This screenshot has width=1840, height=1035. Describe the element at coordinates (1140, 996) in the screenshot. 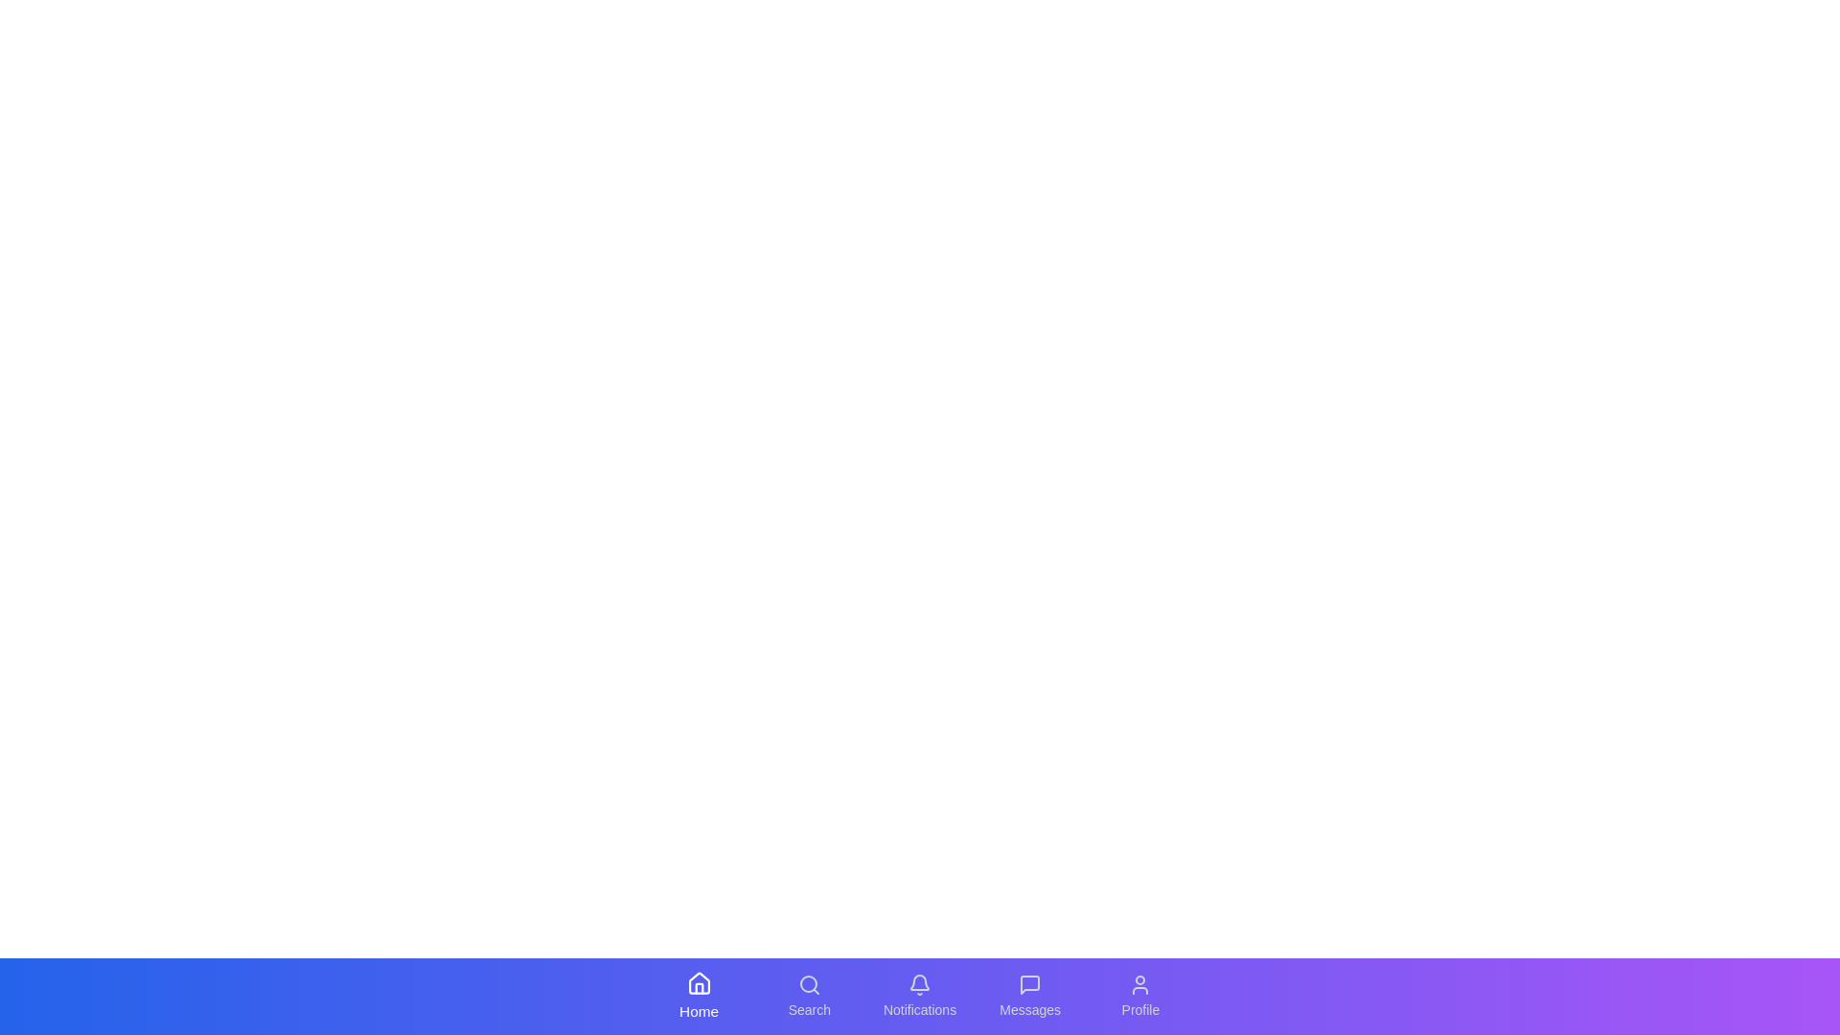

I see `the tab labeled Profile in the bottom navigation bar` at that location.